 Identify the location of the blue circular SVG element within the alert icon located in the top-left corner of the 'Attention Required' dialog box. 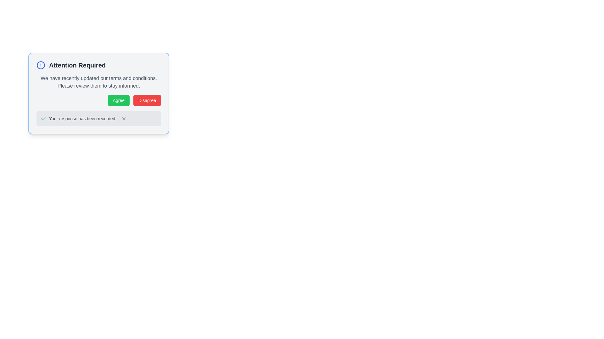
(40, 65).